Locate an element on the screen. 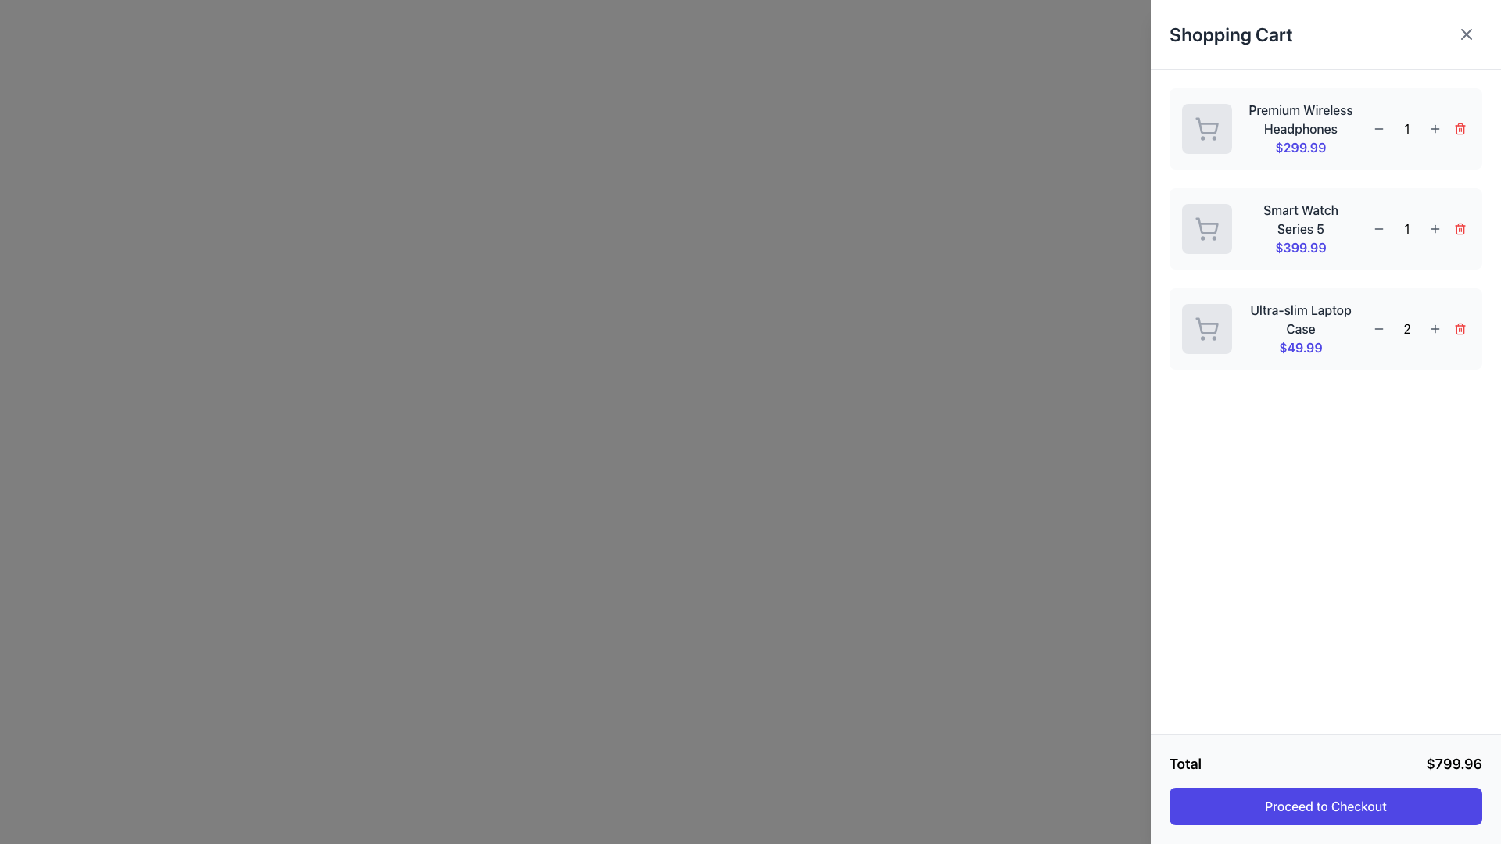 This screenshot has width=1501, height=844. the small button with a gray plus icon in the shopping cart interface to increase the quantity of the 'Smart Watch Series 5' item is located at coordinates (1435, 229).